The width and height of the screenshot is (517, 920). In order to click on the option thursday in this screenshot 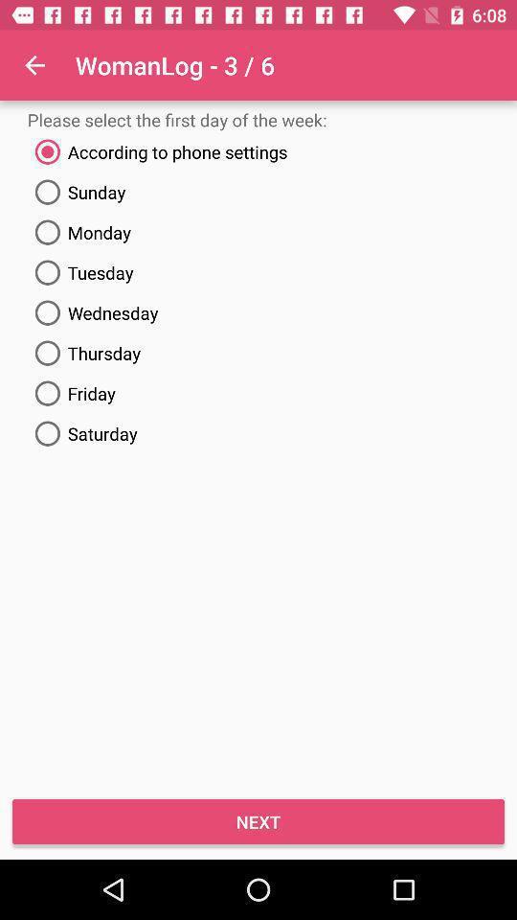, I will do `click(258, 353)`.